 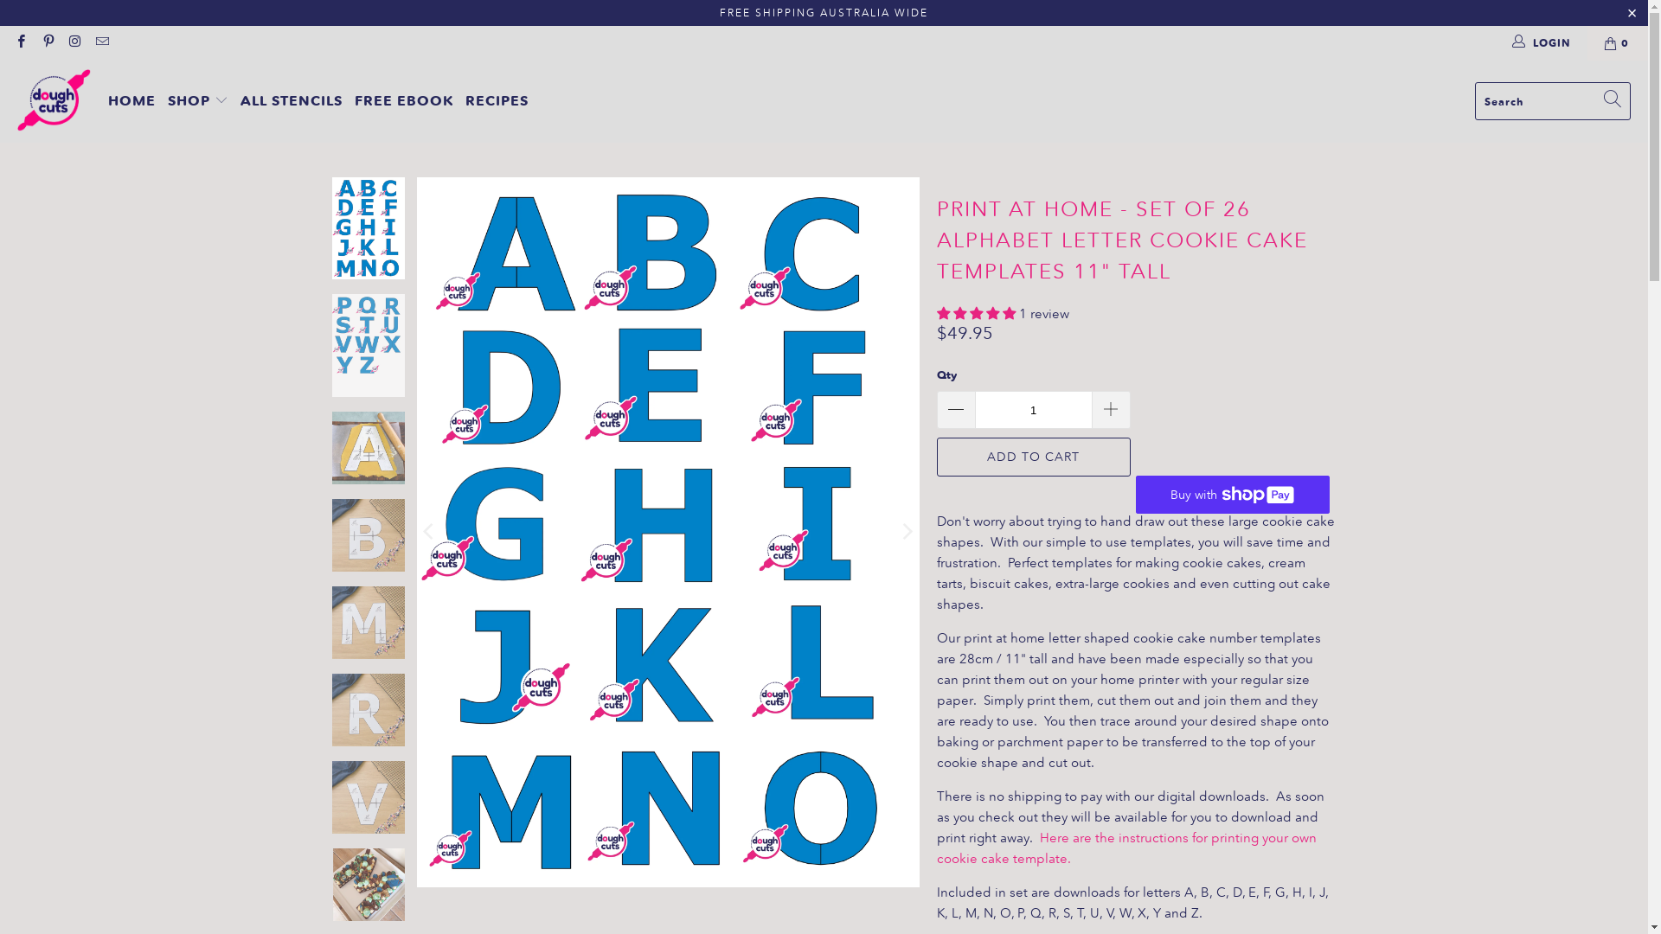 I want to click on 'SHOP', so click(x=198, y=100).